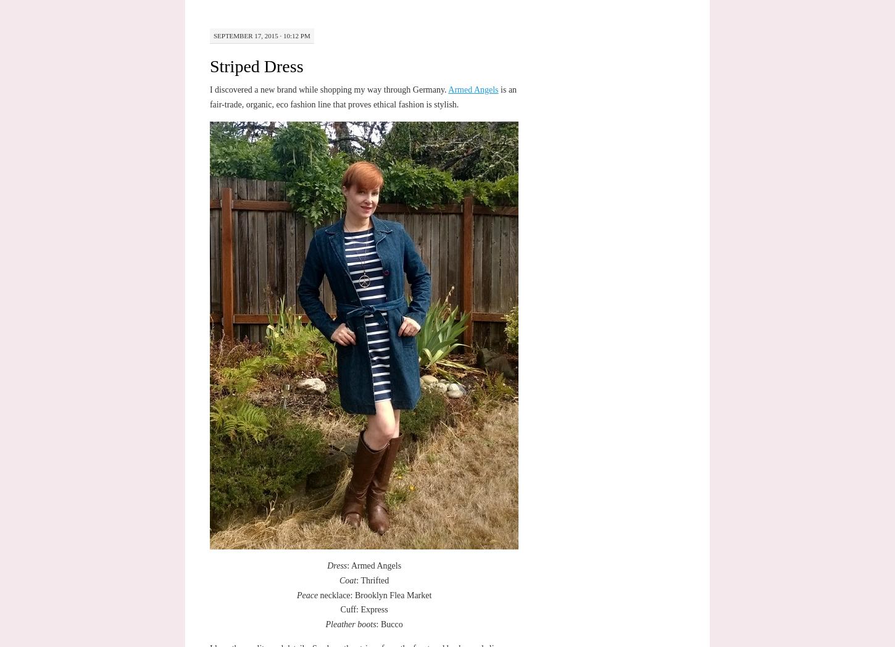  I want to click on 'September 17, 2015 · 10:12 pm', so click(260, 35).